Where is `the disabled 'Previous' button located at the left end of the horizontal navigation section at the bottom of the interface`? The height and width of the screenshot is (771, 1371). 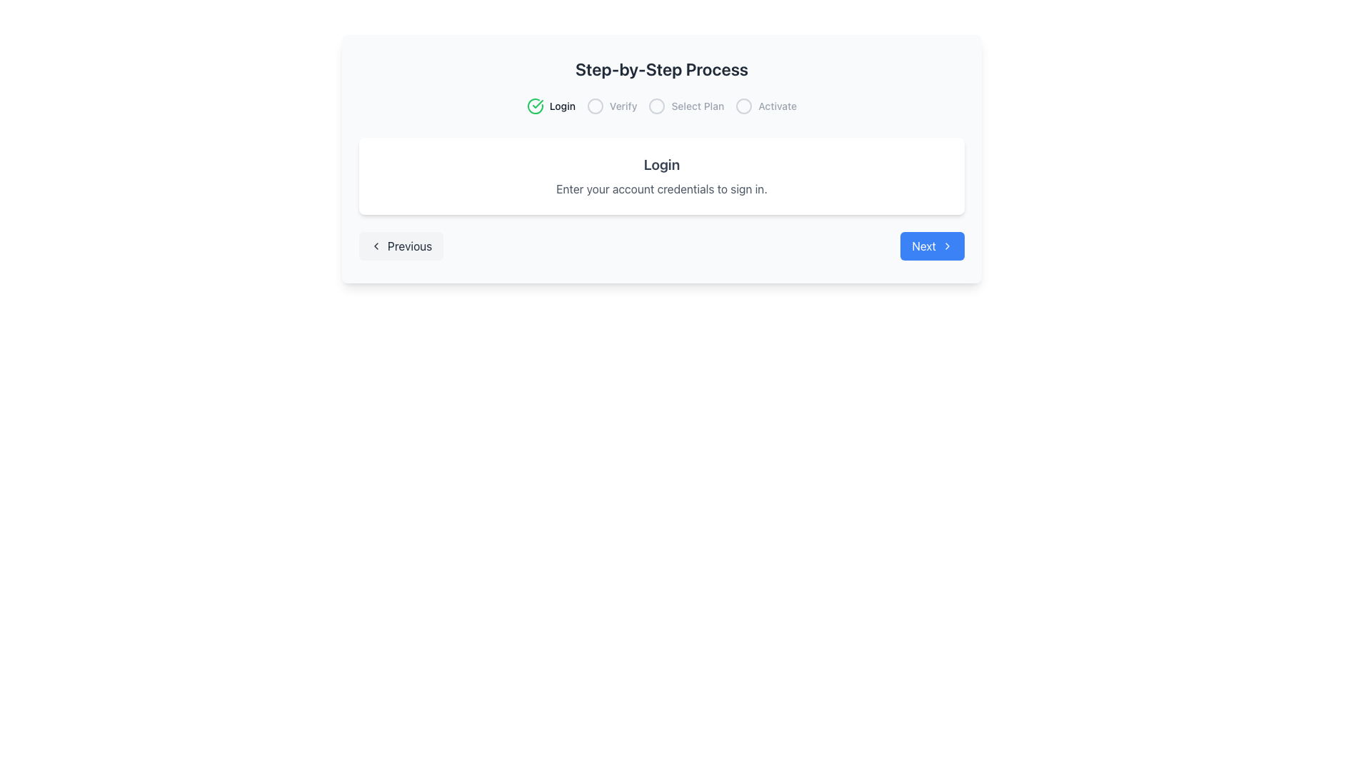
the disabled 'Previous' button located at the left end of the horizontal navigation section at the bottom of the interface is located at coordinates (401, 245).